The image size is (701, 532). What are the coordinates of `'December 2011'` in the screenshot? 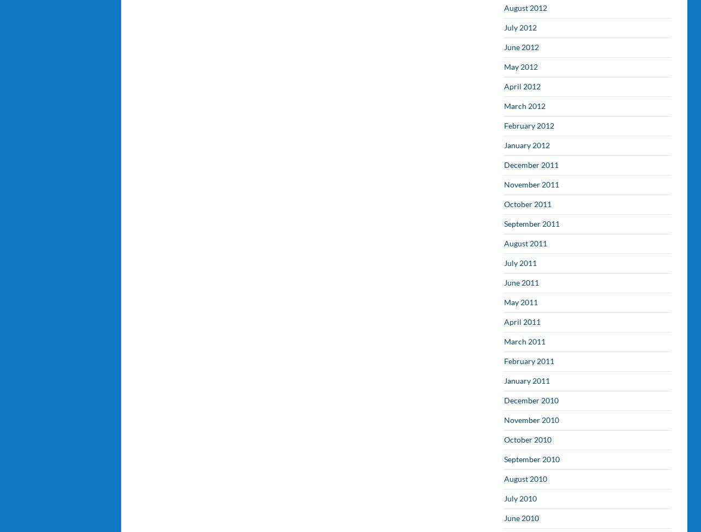 It's located at (531, 165).